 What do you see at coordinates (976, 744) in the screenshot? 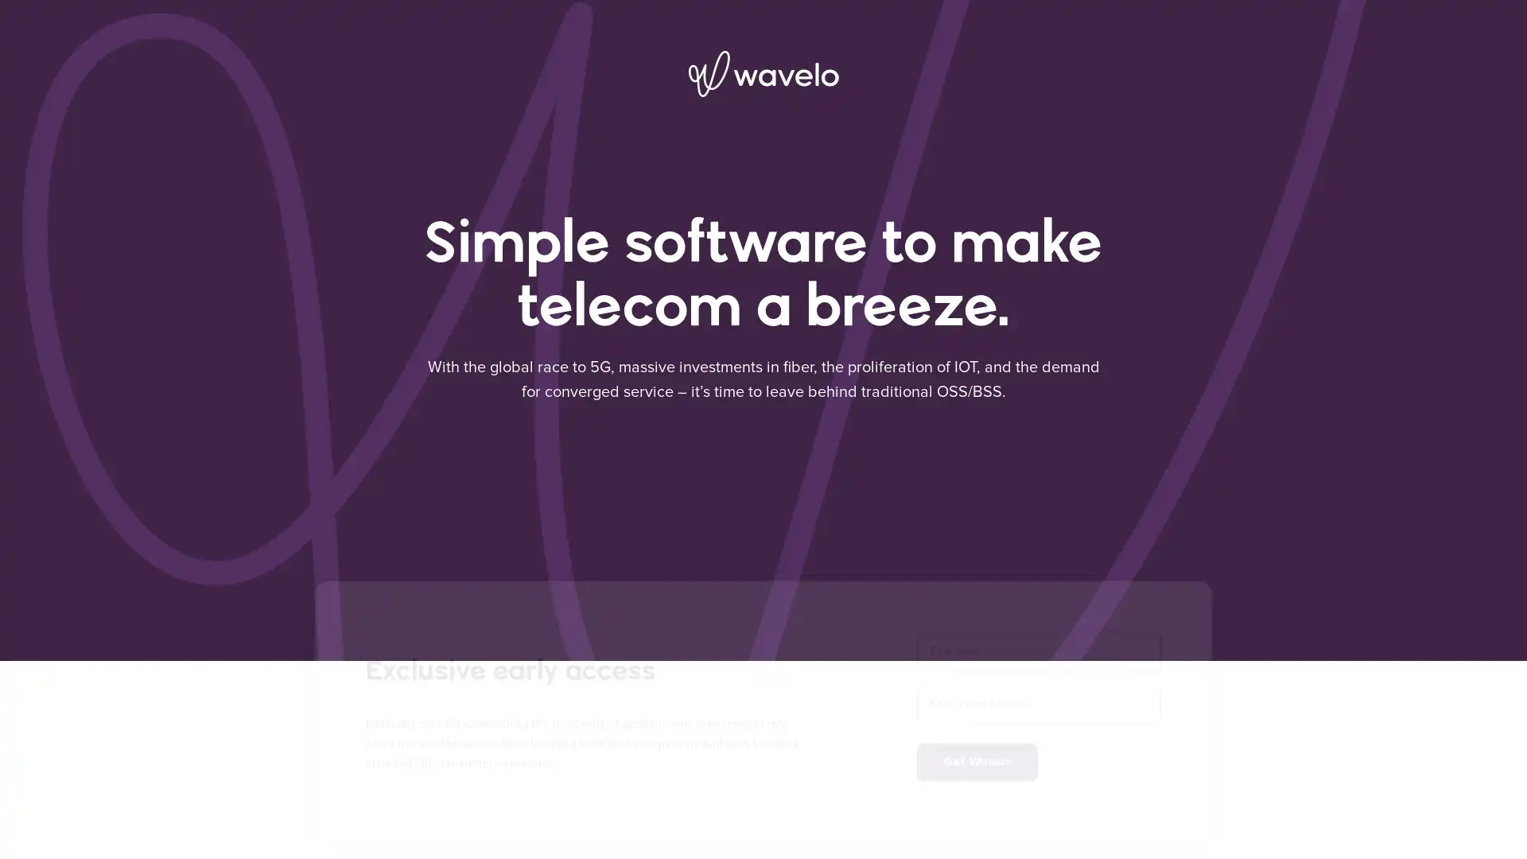
I see `Get Wavelo` at bounding box center [976, 744].